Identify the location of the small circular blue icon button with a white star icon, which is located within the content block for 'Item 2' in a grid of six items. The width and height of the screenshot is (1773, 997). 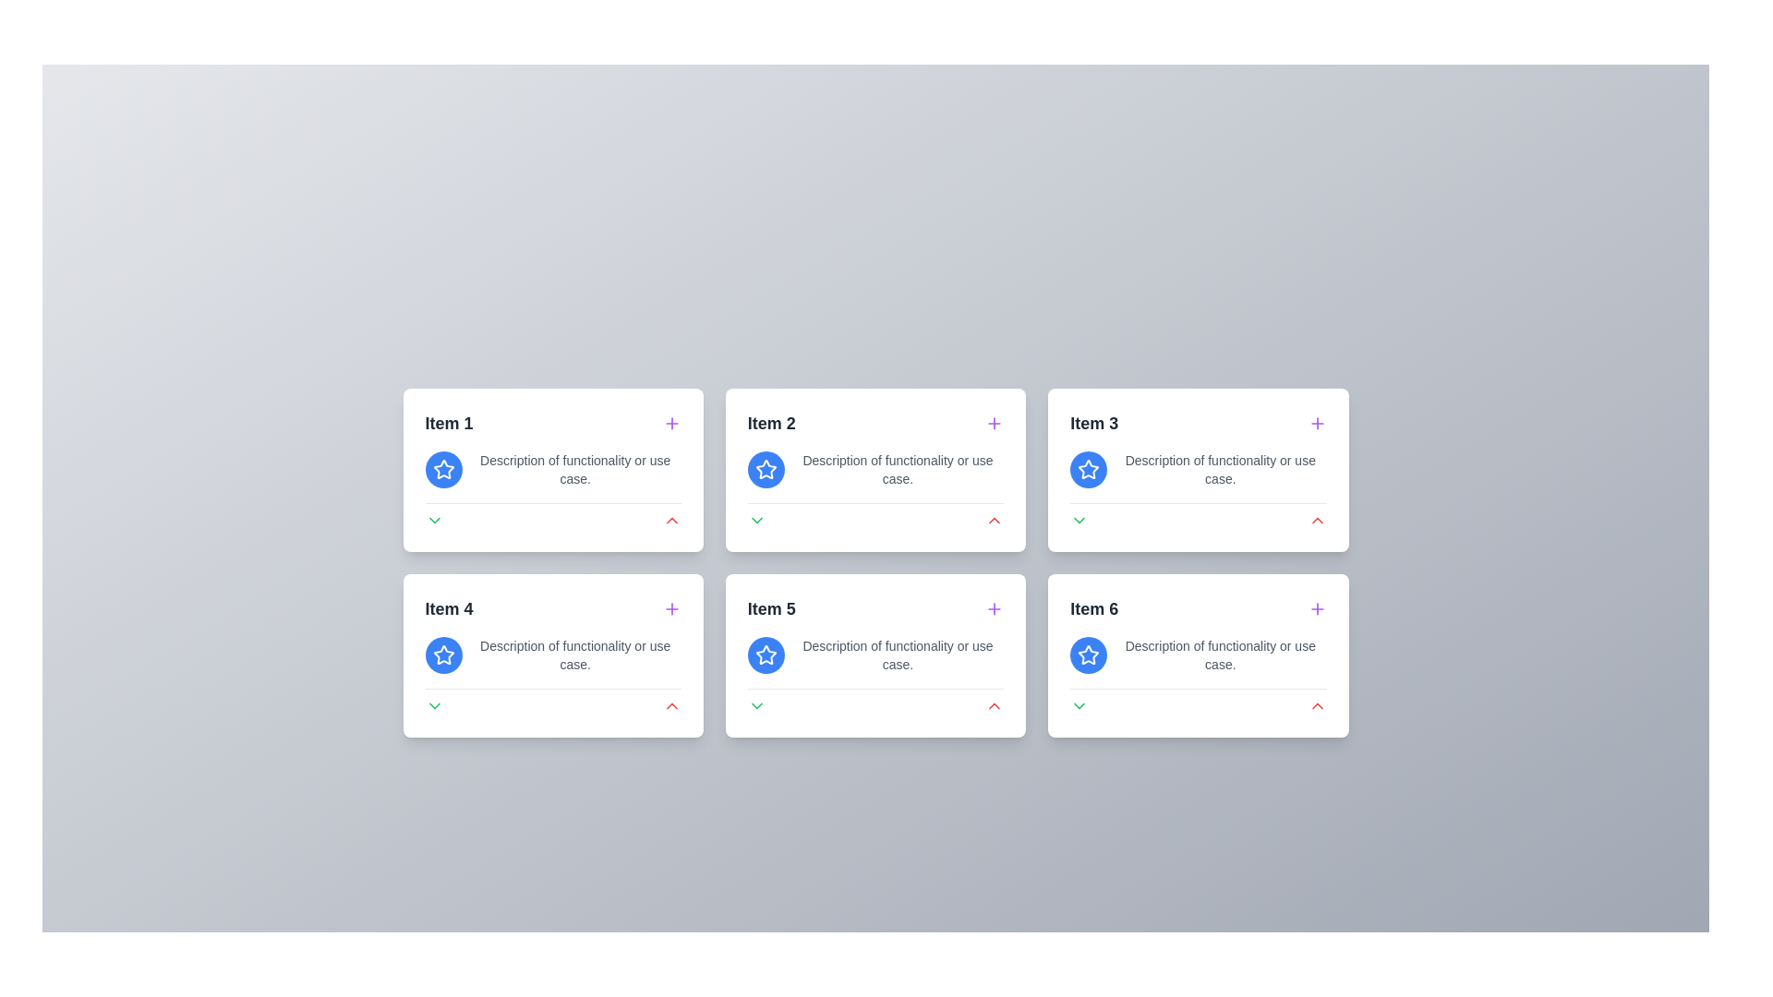
(766, 469).